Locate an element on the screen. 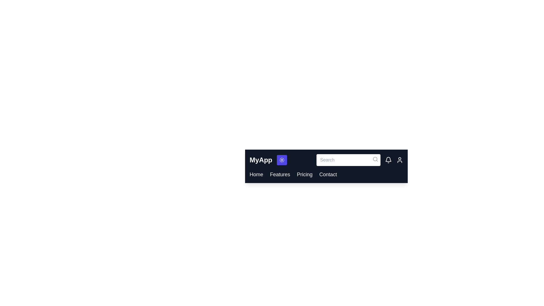 The height and width of the screenshot is (306, 544). the Contact link in the navigation bar is located at coordinates (328, 174).